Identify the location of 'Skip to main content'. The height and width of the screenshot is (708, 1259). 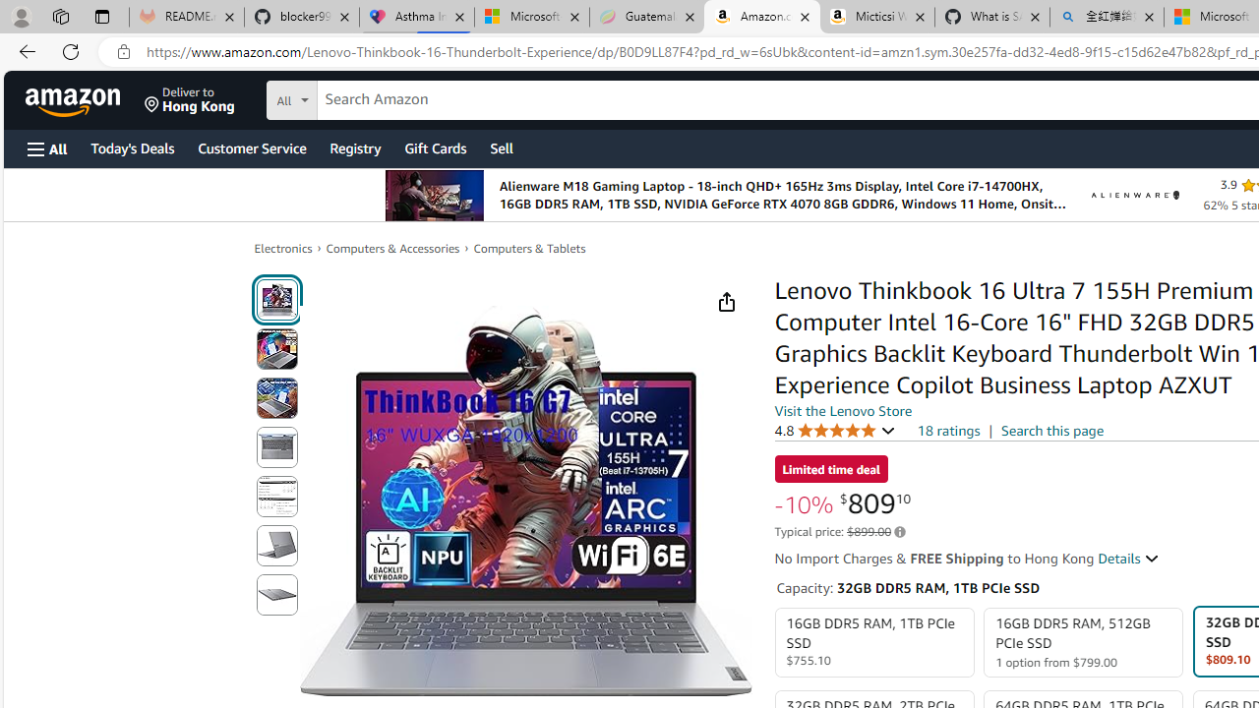
(85, 98).